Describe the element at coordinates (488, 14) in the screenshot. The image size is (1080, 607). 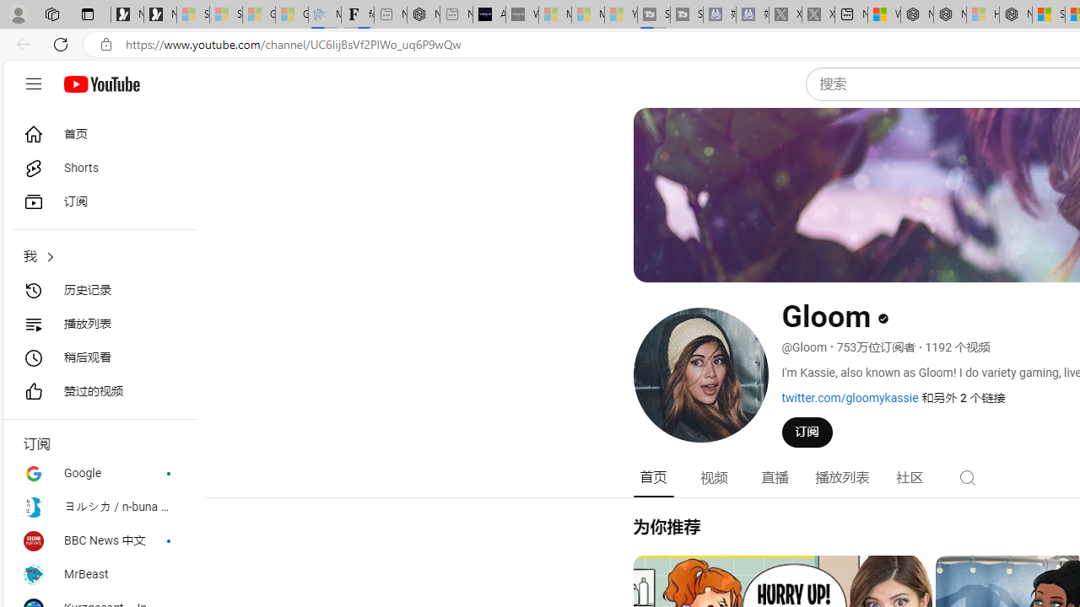
I see `'AI Voice Changer for PC and Mac - Voice.ai'` at that location.